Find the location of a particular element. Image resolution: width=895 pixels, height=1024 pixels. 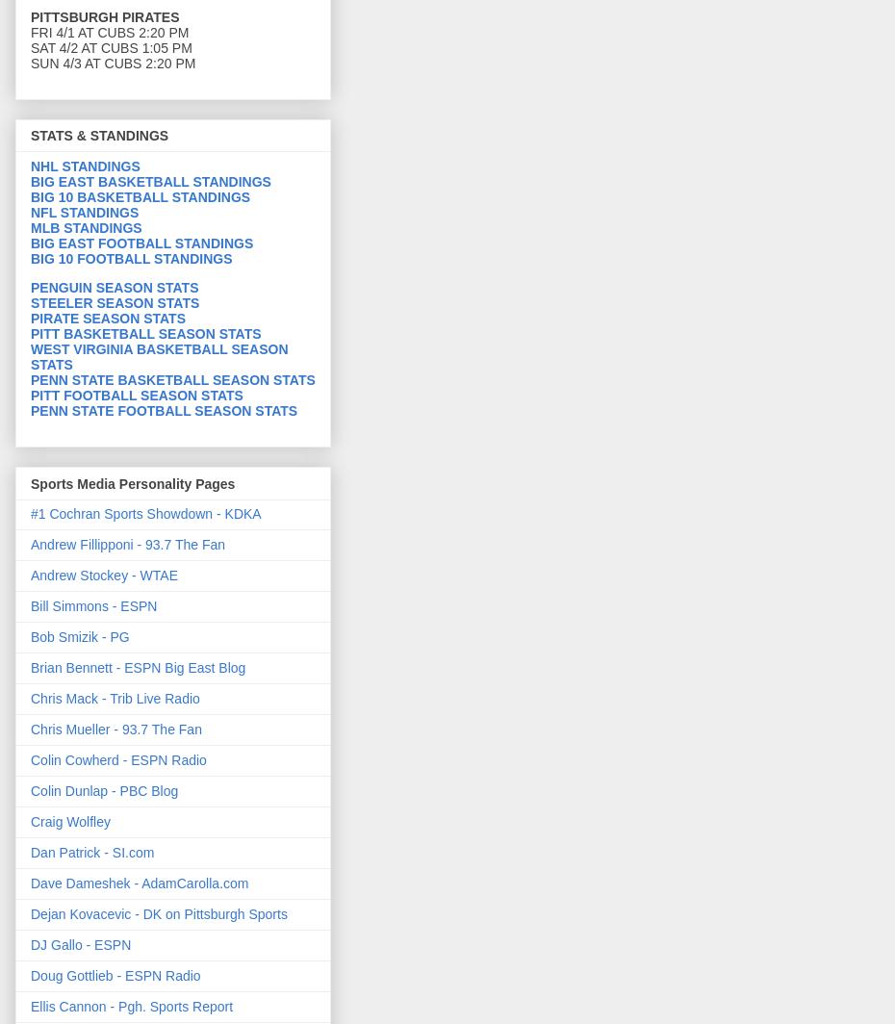

'PITTSBURGH PIRATES' is located at coordinates (104, 16).